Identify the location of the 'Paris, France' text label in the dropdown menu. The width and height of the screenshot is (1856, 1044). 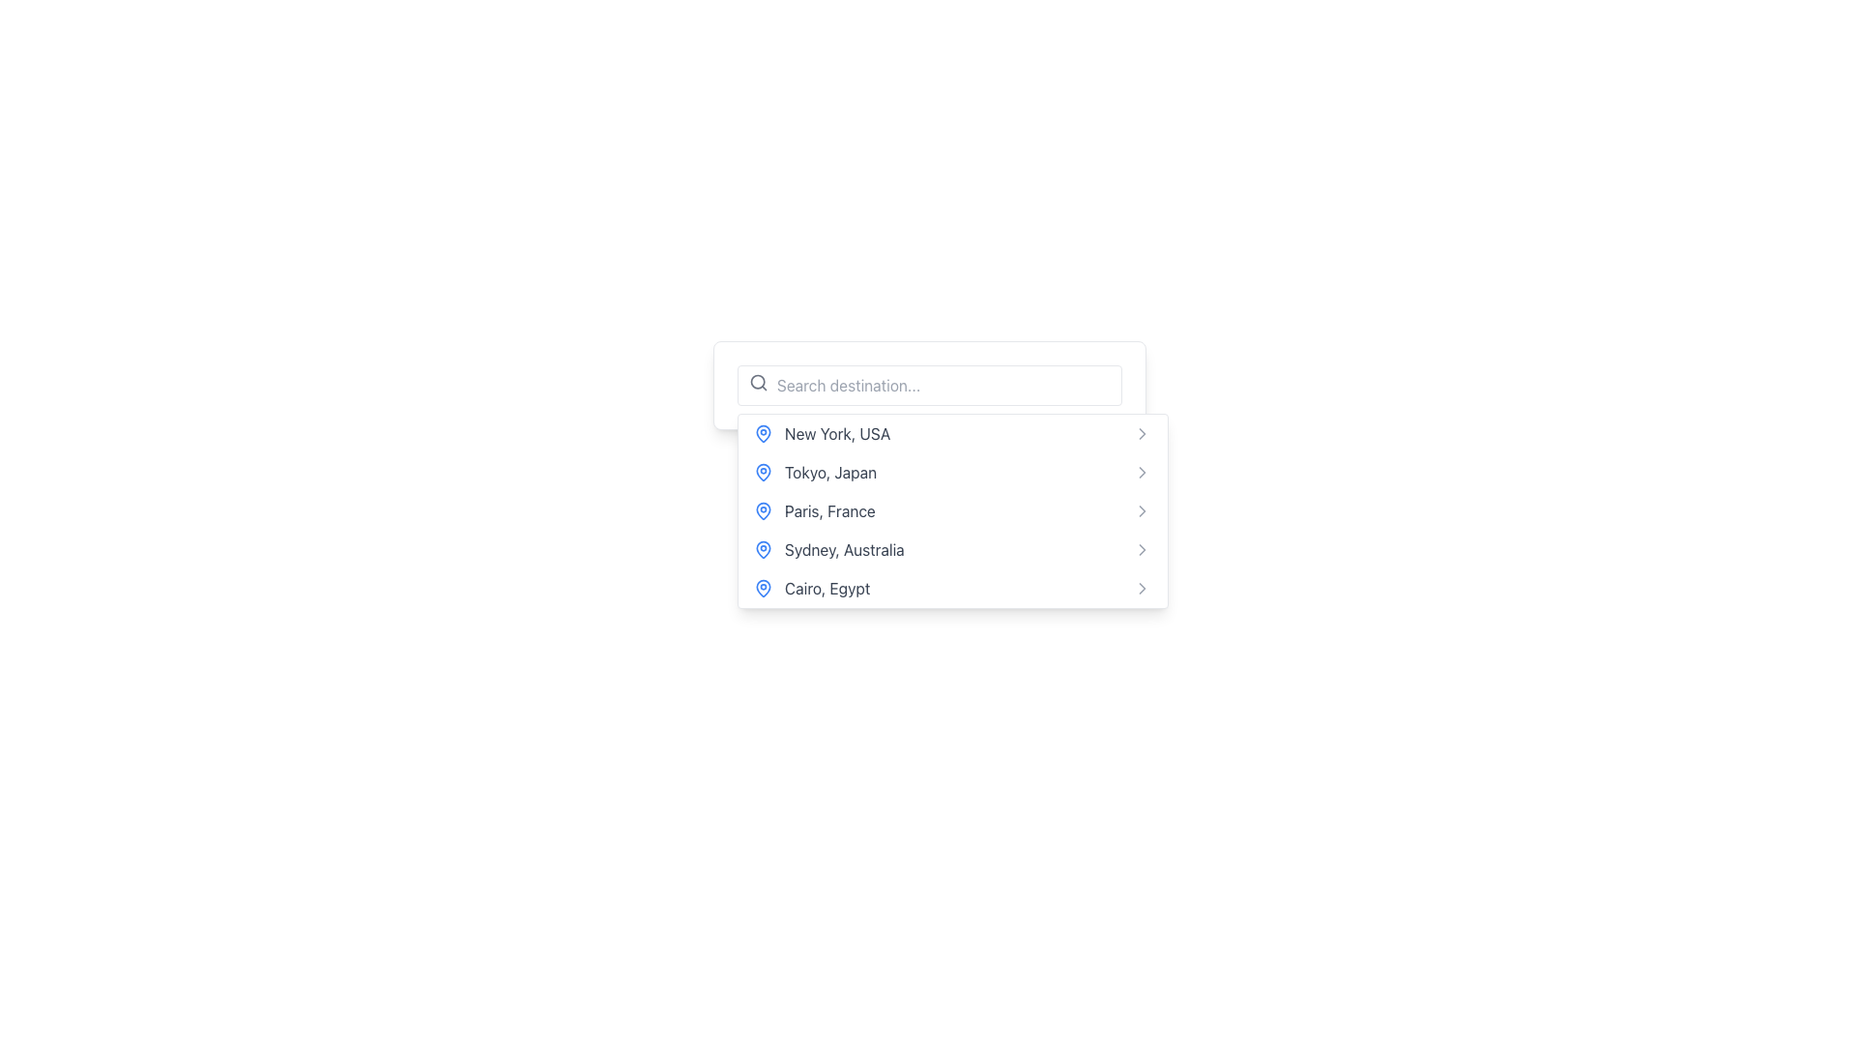
(829, 509).